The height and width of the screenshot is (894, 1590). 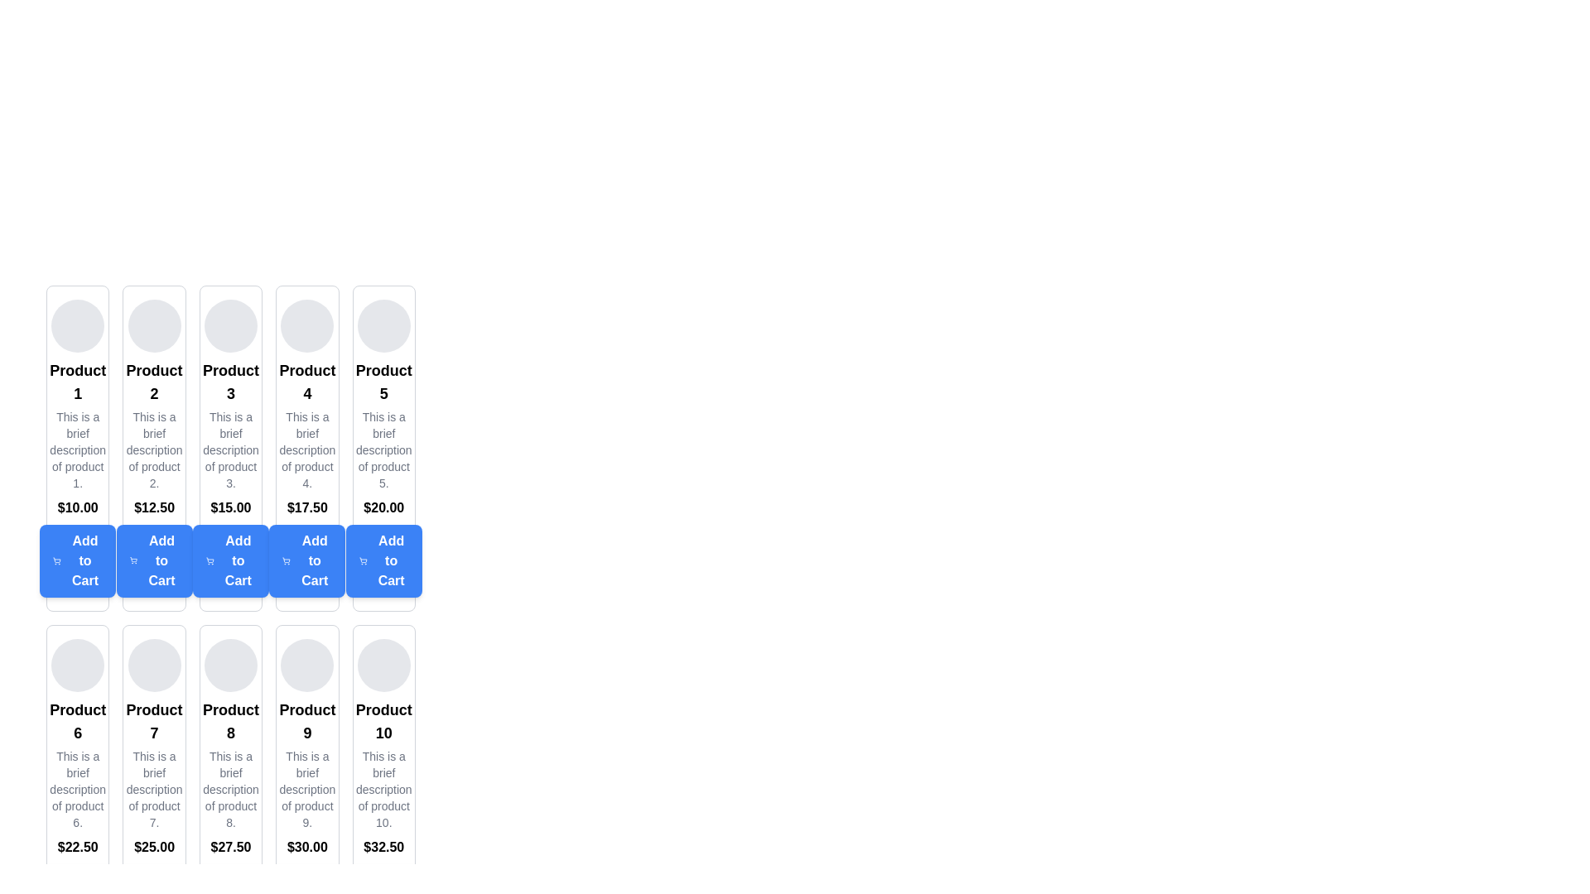 I want to click on the Text label for 'Product 2' which is positioned below the circular image placeholder in its product card, so click(x=154, y=382).